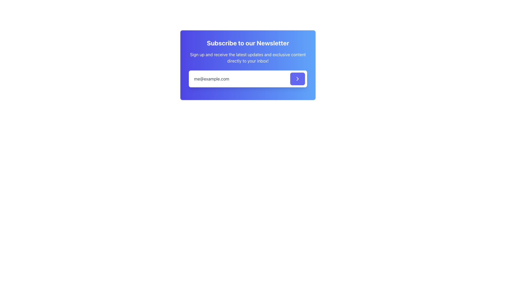 This screenshot has height=285, width=507. Describe the element at coordinates (298, 79) in the screenshot. I see `the chevron icon located within the teal-colored rounded-button styled area` at that location.